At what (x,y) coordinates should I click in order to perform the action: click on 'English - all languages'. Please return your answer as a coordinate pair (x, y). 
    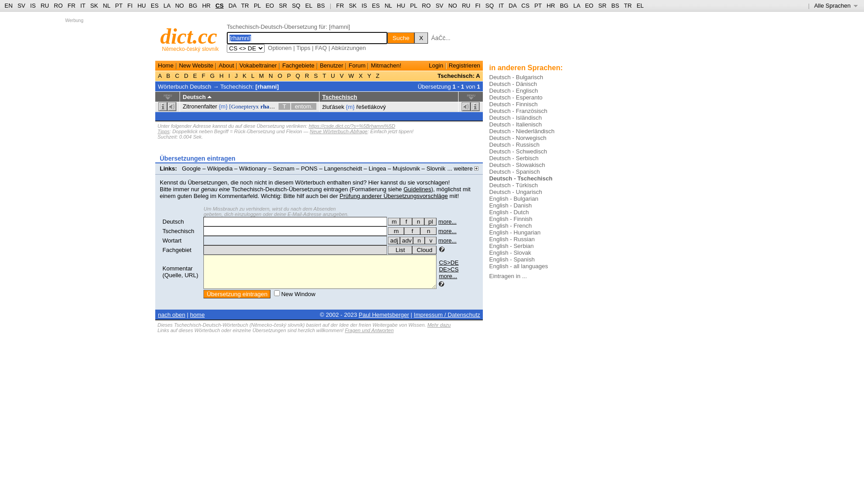
    Looking at the image, I should click on (518, 265).